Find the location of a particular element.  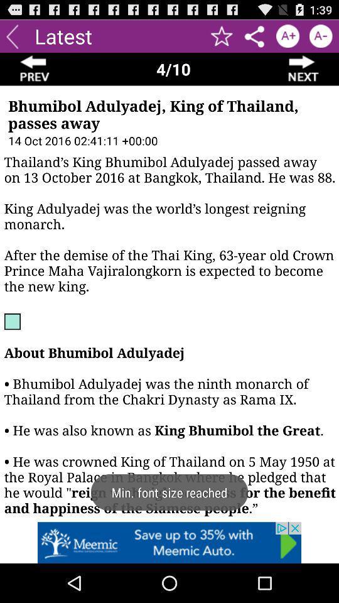

bigger font size is located at coordinates (288, 35).